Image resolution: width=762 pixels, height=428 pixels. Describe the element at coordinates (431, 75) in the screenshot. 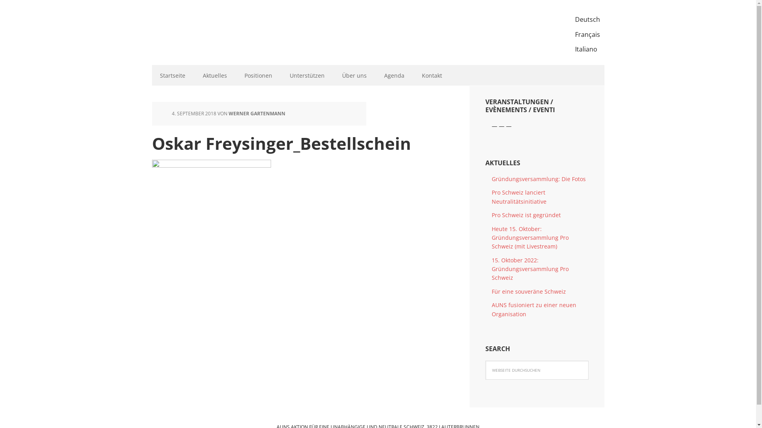

I see `'Kontakt'` at that location.